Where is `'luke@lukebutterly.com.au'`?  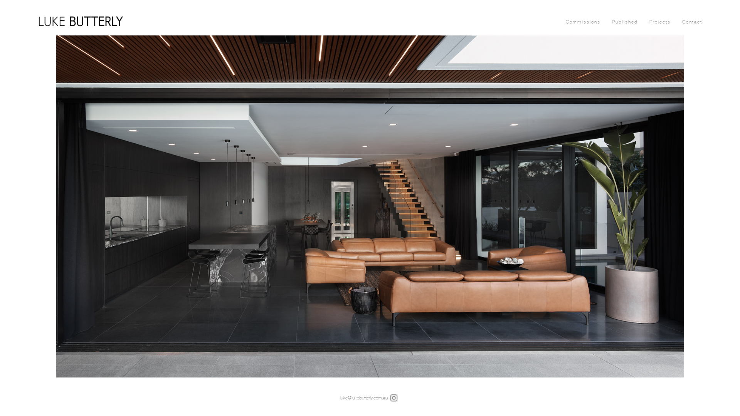
'luke@lukebutterly.com.au' is located at coordinates (340, 398).